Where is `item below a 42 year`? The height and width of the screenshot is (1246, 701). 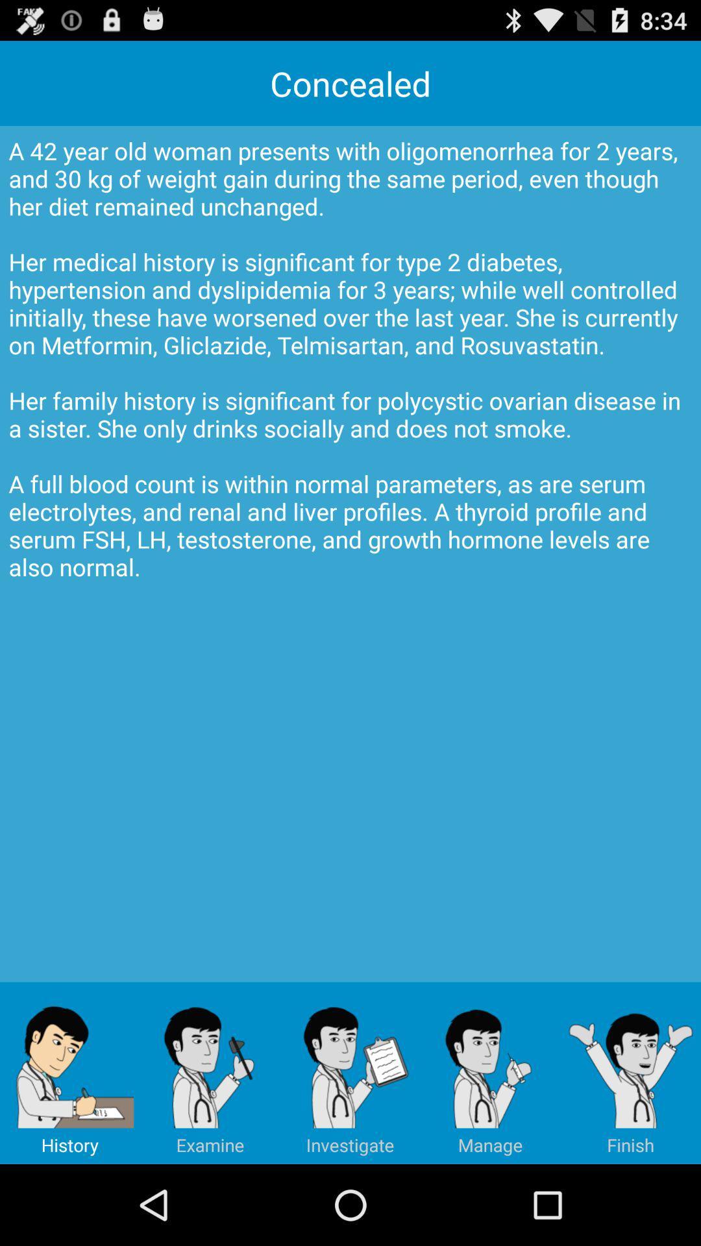 item below a 42 year is located at coordinates (70, 1073).